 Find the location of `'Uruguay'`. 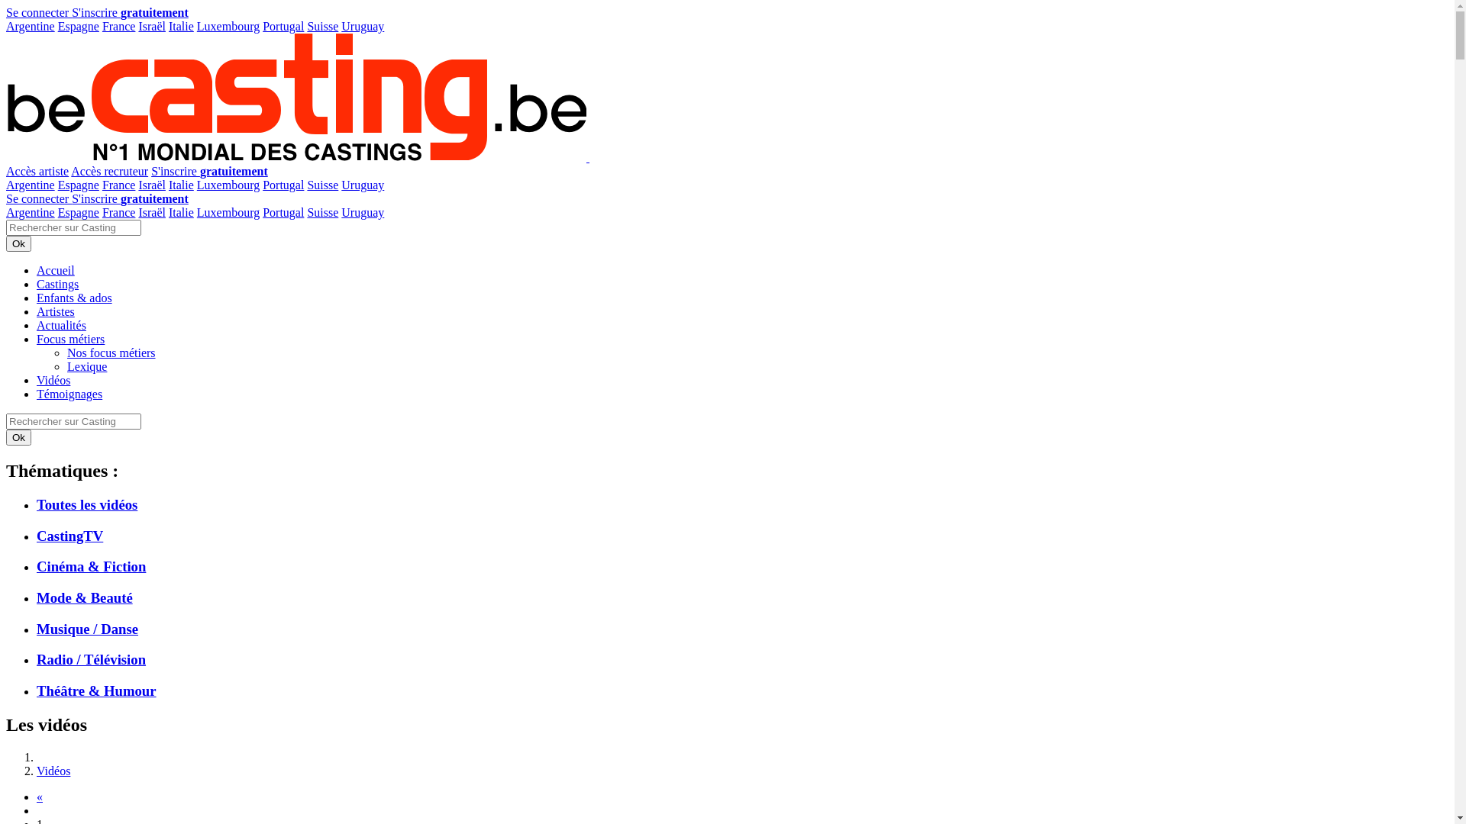

'Uruguay' is located at coordinates (340, 212).